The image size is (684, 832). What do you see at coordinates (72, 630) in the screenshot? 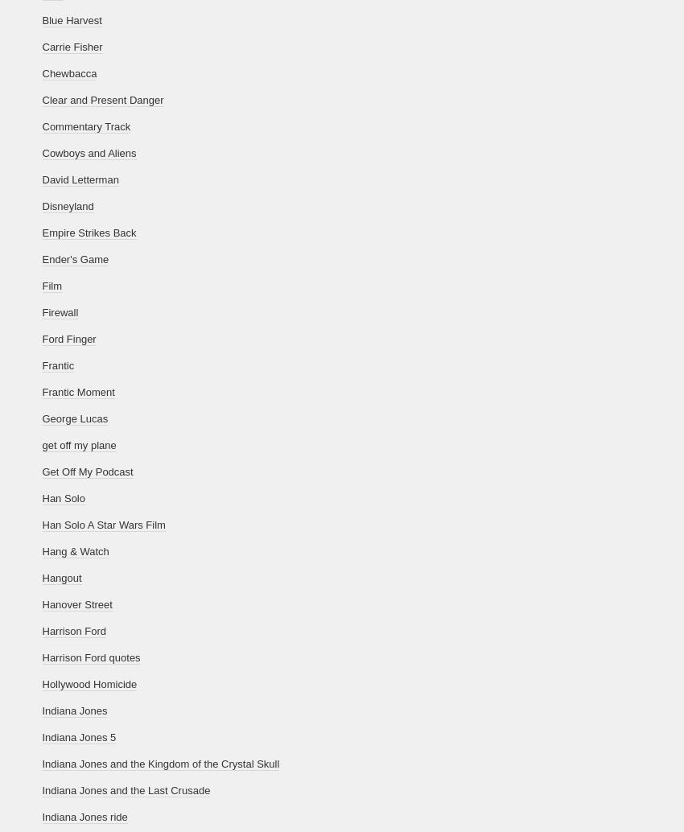
I see `'Harrison Ford'` at bounding box center [72, 630].